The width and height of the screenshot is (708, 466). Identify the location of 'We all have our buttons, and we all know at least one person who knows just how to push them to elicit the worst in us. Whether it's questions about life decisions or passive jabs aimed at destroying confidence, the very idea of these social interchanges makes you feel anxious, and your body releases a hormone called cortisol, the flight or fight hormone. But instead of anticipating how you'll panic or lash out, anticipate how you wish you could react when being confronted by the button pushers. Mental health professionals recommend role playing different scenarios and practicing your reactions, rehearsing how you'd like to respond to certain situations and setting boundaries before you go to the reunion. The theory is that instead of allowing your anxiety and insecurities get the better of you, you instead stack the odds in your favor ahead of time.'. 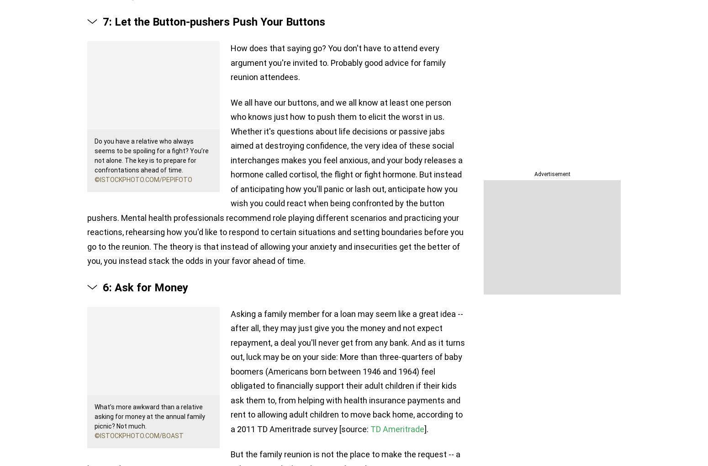
(275, 181).